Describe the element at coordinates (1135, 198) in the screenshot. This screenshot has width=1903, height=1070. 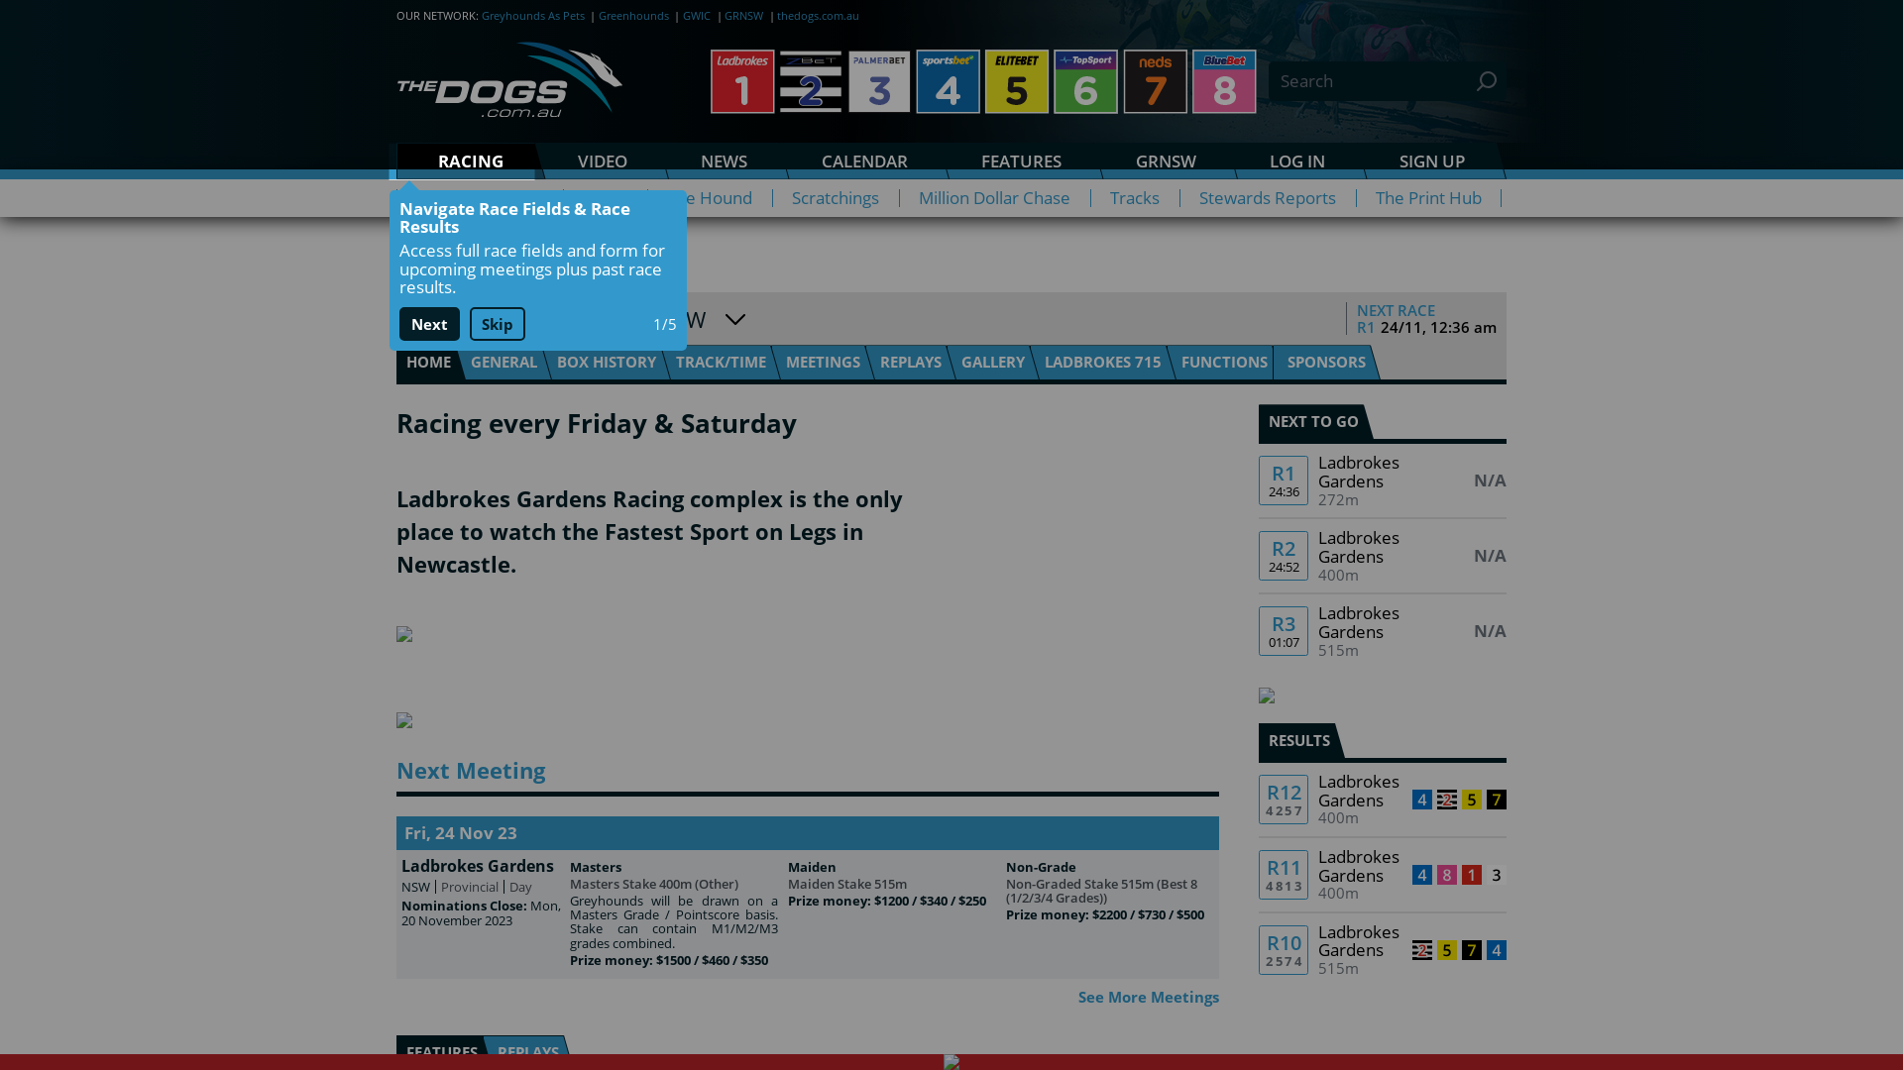
I see `'Tracks'` at that location.